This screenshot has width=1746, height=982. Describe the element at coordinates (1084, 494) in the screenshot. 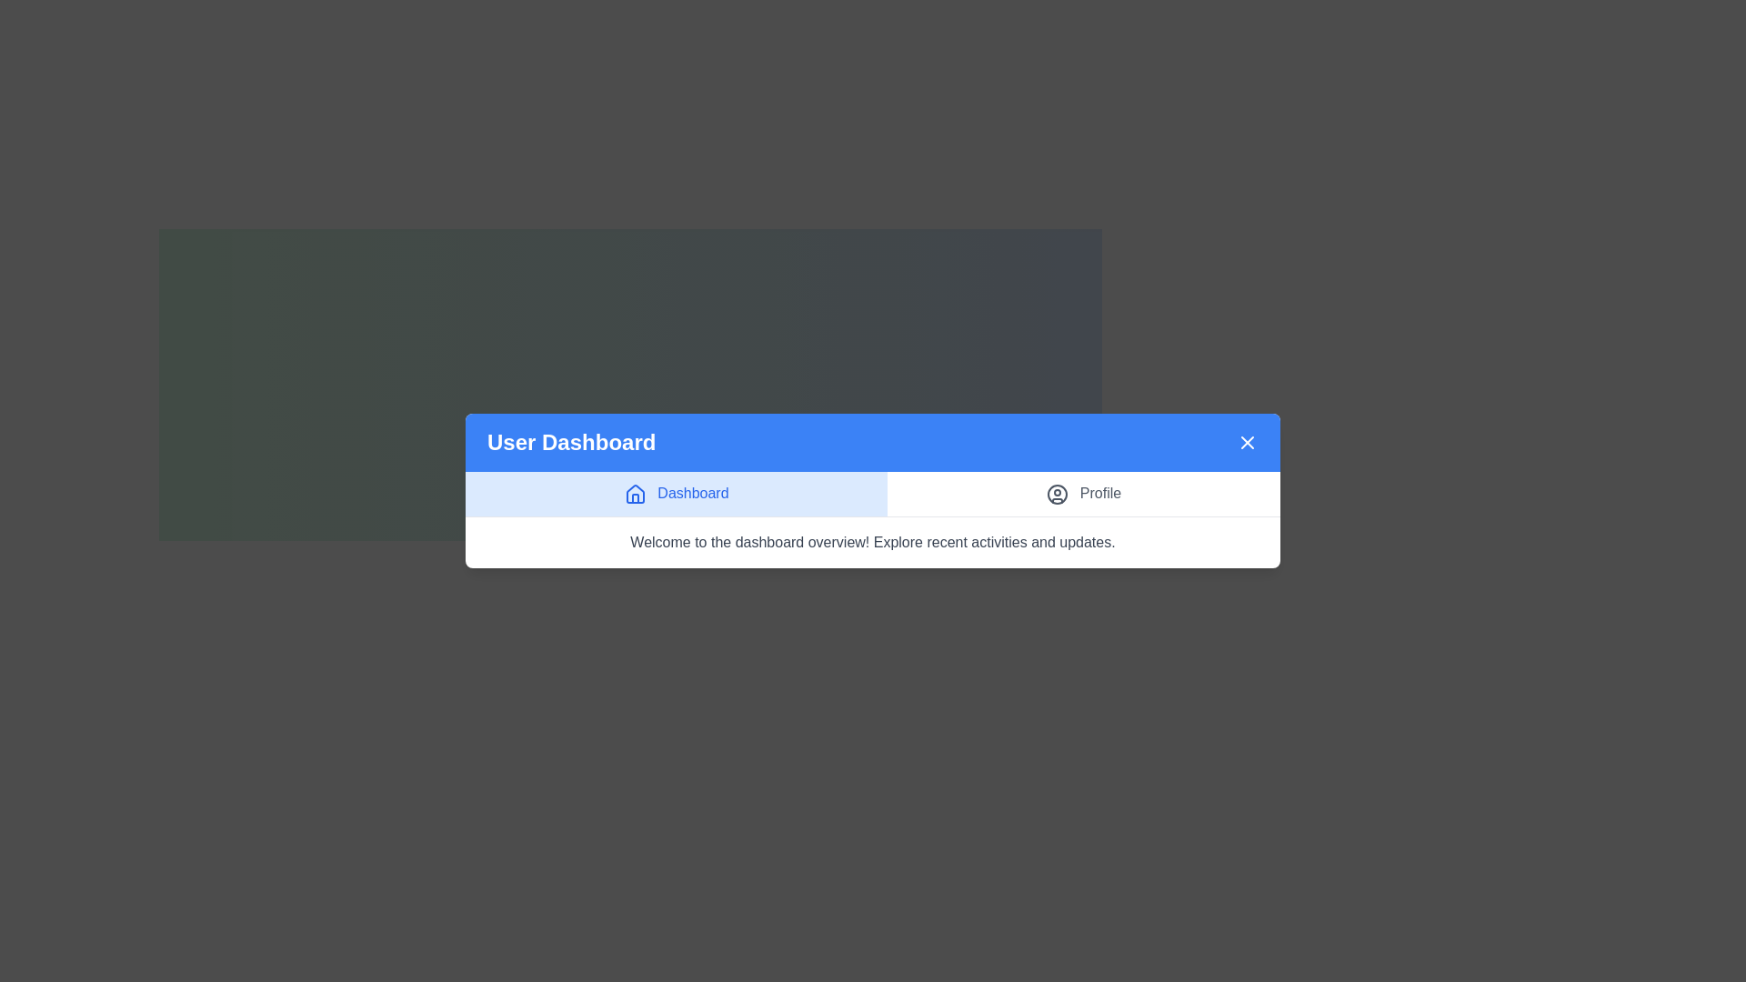

I see `the 'Profile' button, which is styled with centered text and a gray color, located in the navigation section next to the 'Dashboard' button` at that location.